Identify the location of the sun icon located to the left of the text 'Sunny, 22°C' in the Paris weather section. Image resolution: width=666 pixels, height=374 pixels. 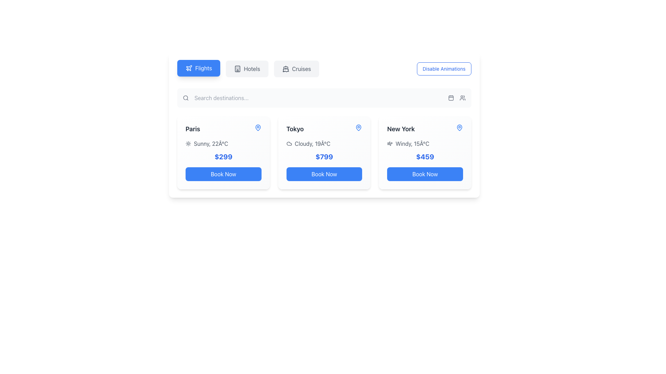
(188, 143).